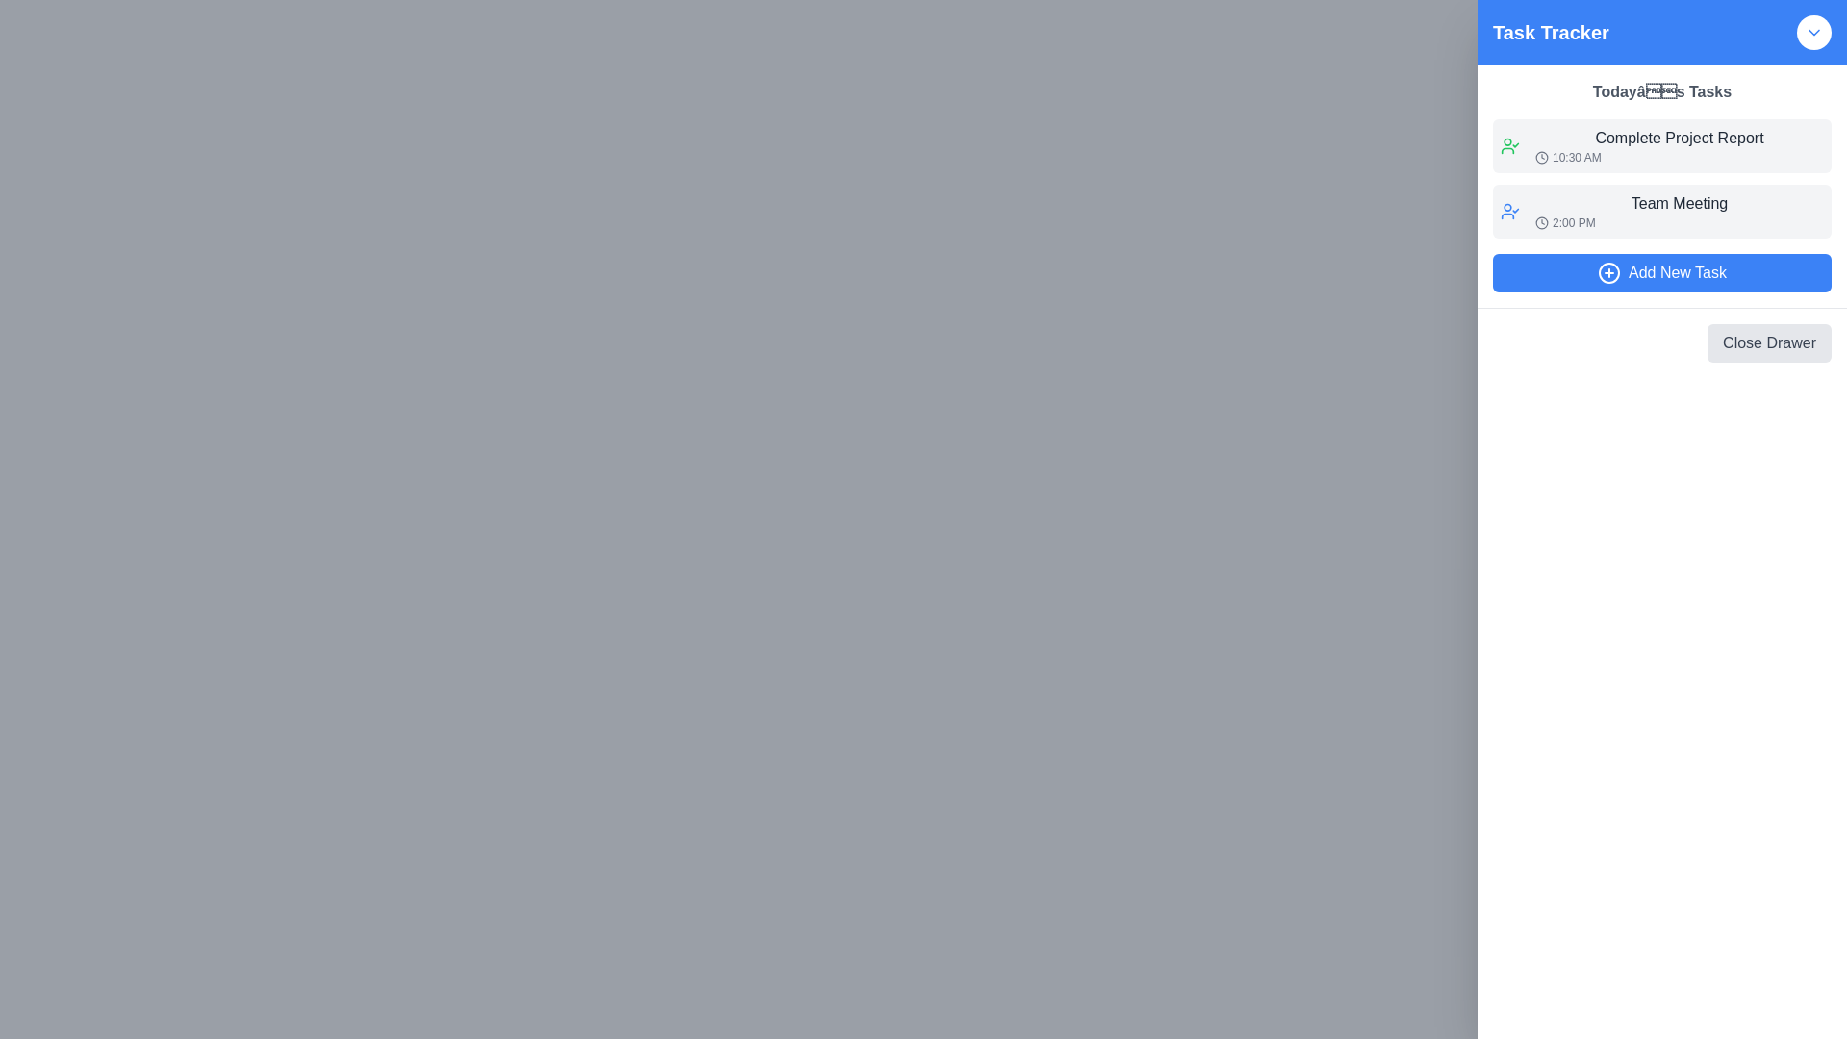 The height and width of the screenshot is (1039, 1847). I want to click on the task entry titled 'Complete Project Report', so click(1661, 144).